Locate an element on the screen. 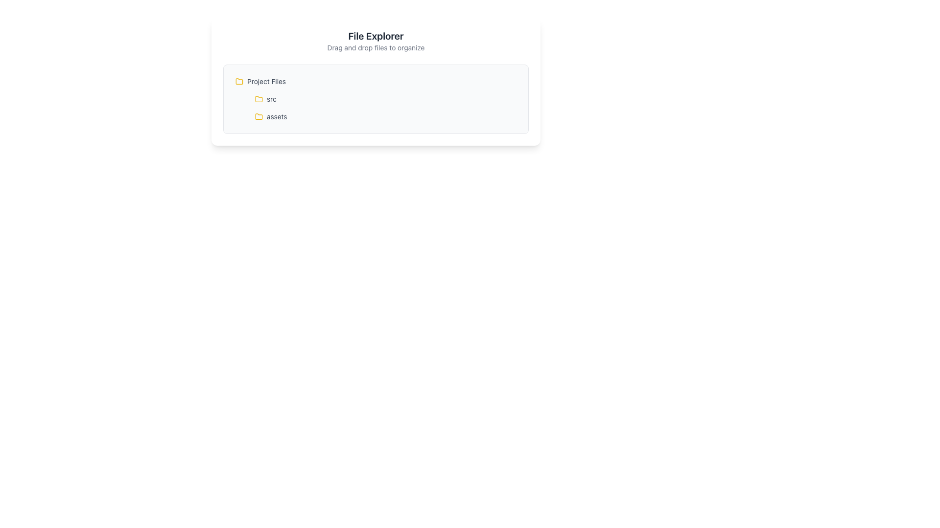 The image size is (940, 528). the folder icon representing 'Project Files', which is the first element in the group positioned to the left of the 'Project Files' text label is located at coordinates (239, 81).